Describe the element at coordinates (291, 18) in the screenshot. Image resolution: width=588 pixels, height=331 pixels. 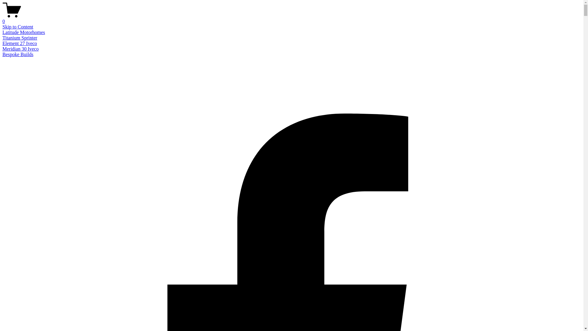
I see `'0'` at that location.